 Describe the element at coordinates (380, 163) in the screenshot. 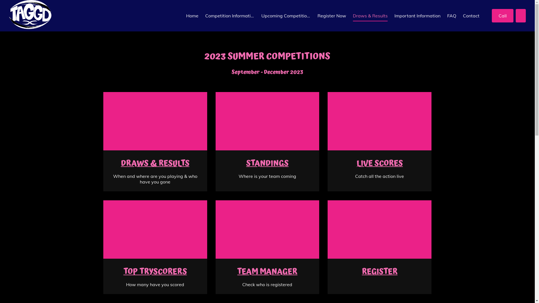

I see `'LIVE SCORES'` at that location.